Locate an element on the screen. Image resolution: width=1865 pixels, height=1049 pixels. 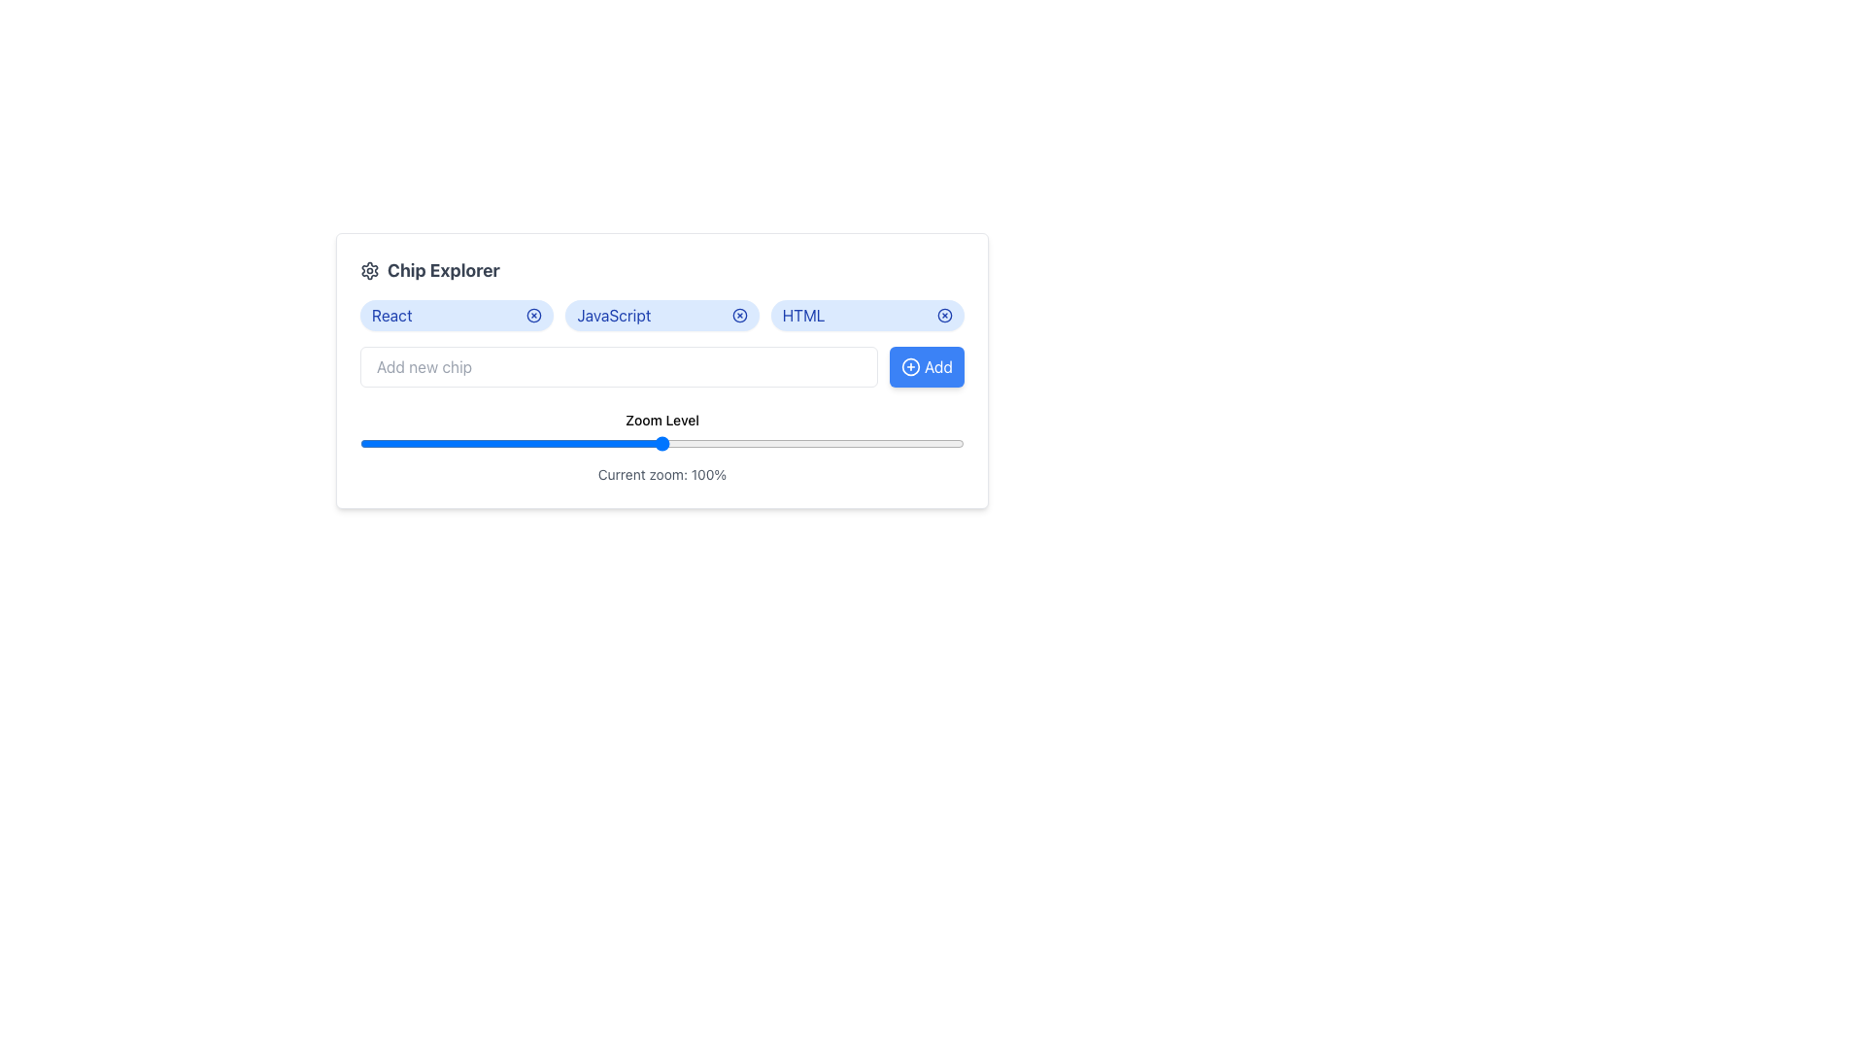
the 'React' text label located in the leftmost chip of a horizontal list of chips to interact with it is located at coordinates (390, 314).